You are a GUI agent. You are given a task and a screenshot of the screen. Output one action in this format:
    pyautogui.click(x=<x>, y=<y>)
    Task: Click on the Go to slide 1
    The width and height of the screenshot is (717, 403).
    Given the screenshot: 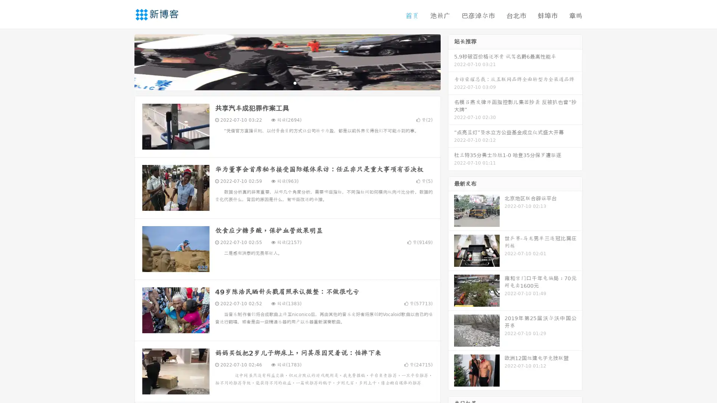 What is the action you would take?
    pyautogui.click(x=279, y=84)
    